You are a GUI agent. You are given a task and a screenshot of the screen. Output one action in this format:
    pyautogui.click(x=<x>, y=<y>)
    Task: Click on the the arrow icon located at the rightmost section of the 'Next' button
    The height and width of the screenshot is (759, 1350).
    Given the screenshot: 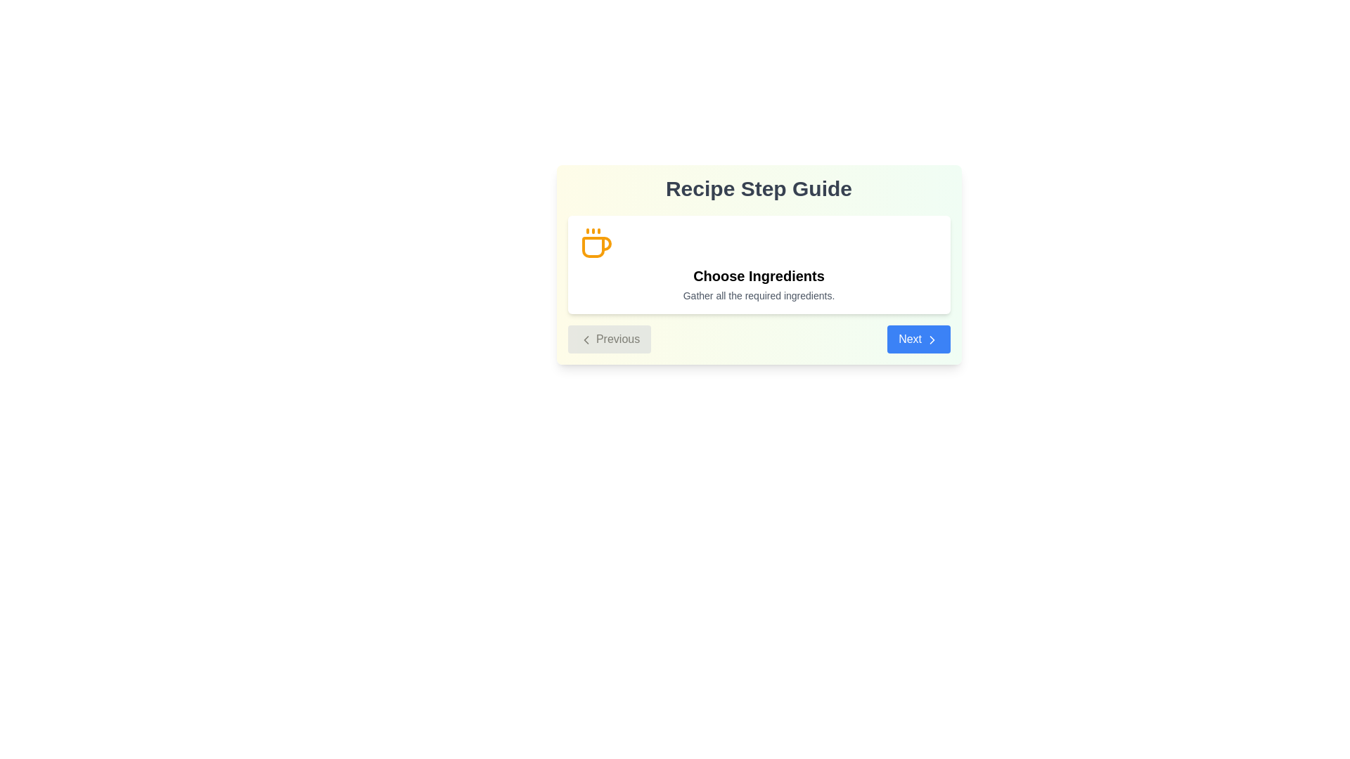 What is the action you would take?
    pyautogui.click(x=932, y=339)
    